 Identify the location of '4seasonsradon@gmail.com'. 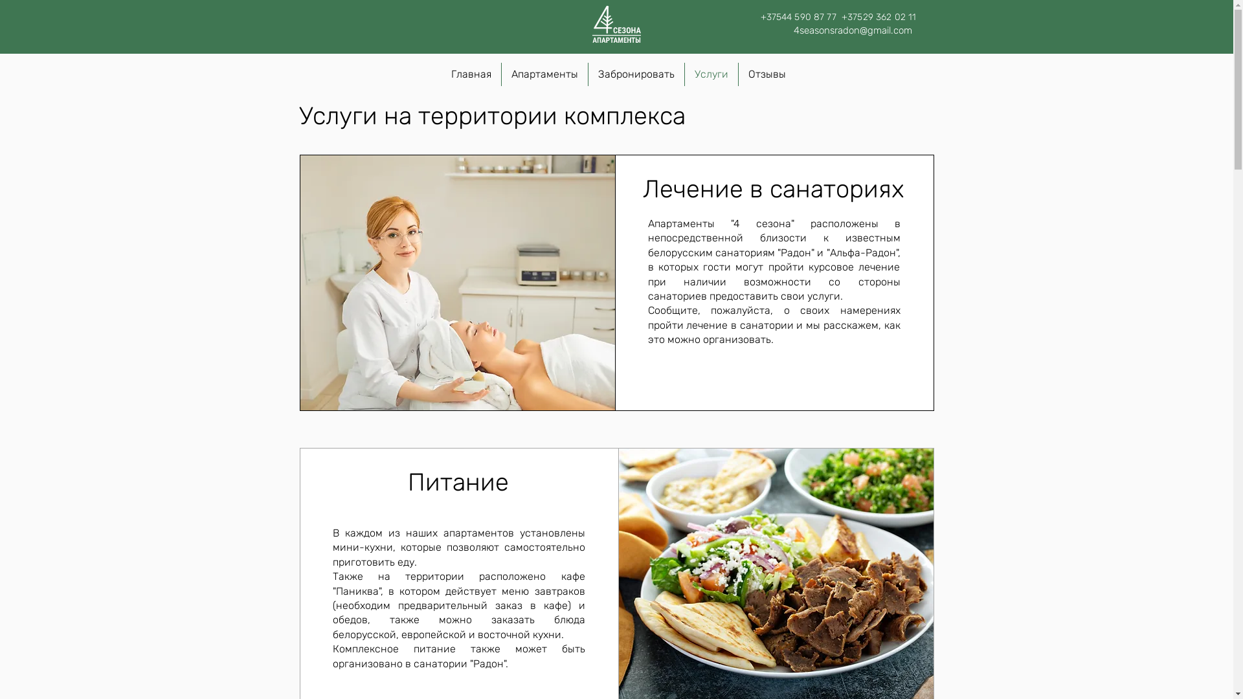
(792, 29).